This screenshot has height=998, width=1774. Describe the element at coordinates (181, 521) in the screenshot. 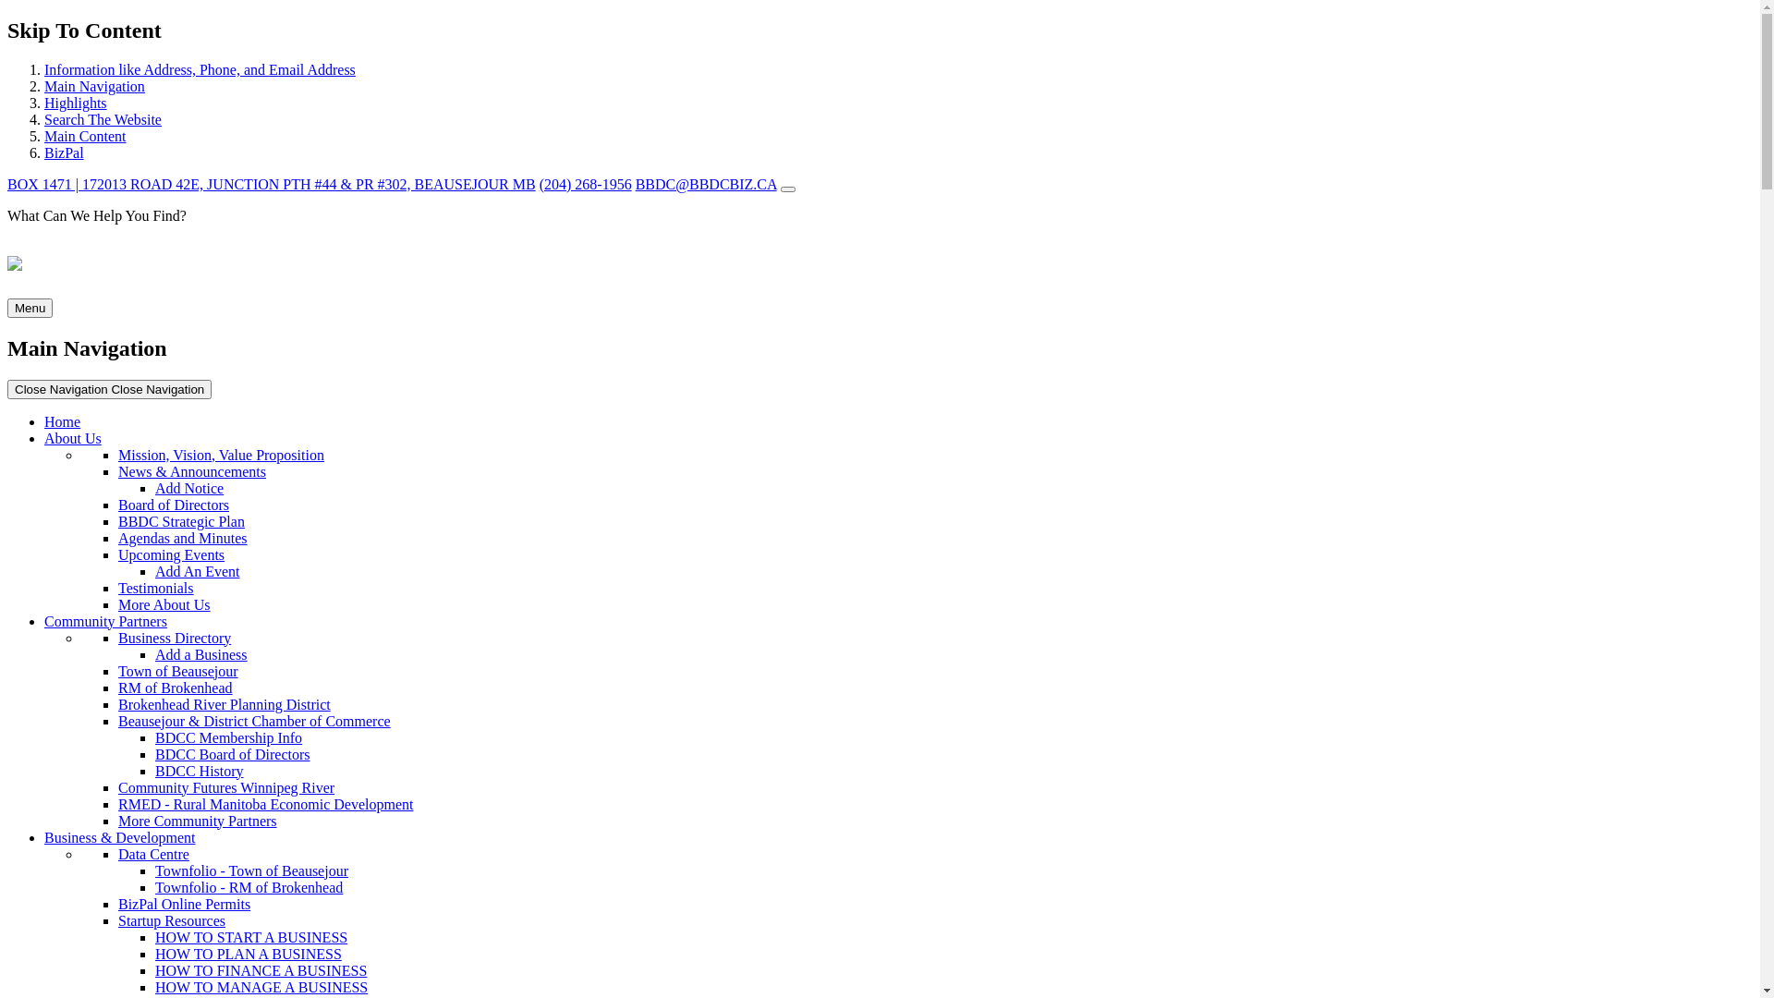

I see `'BBDC Strategic Plan'` at that location.